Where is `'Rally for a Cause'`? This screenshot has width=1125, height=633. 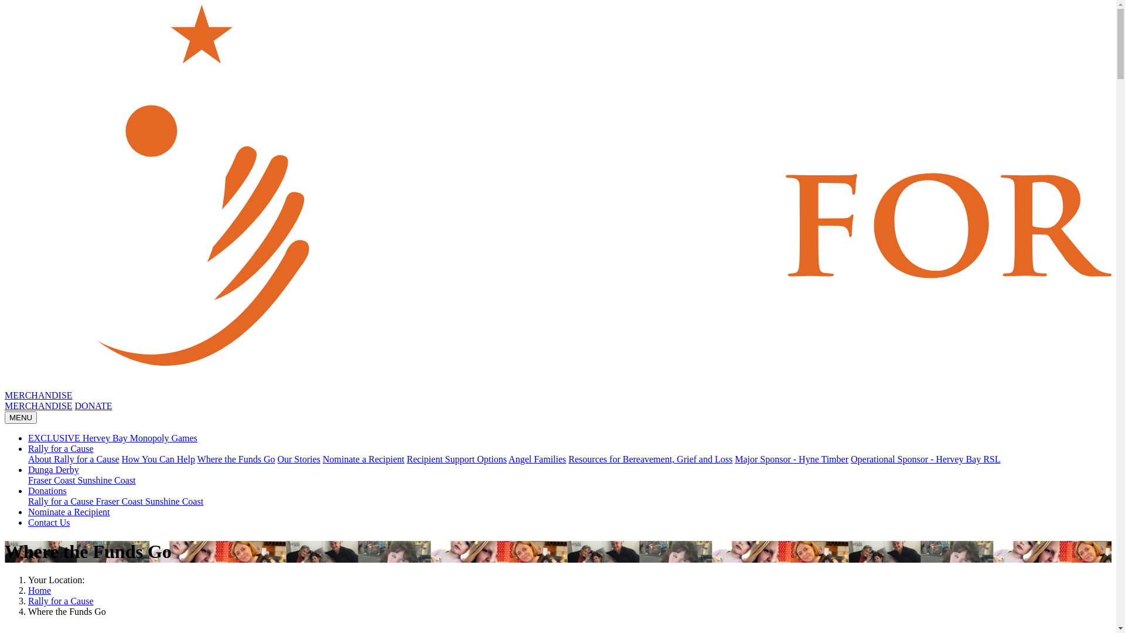 'Rally for a Cause' is located at coordinates (60, 601).